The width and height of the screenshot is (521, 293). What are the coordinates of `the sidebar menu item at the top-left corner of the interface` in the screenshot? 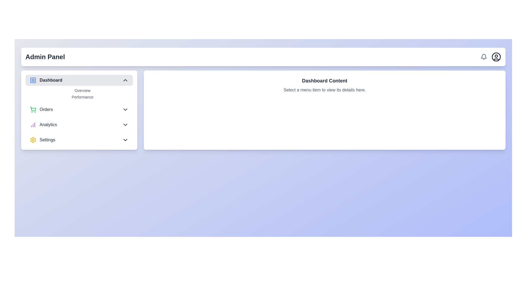 It's located at (79, 80).